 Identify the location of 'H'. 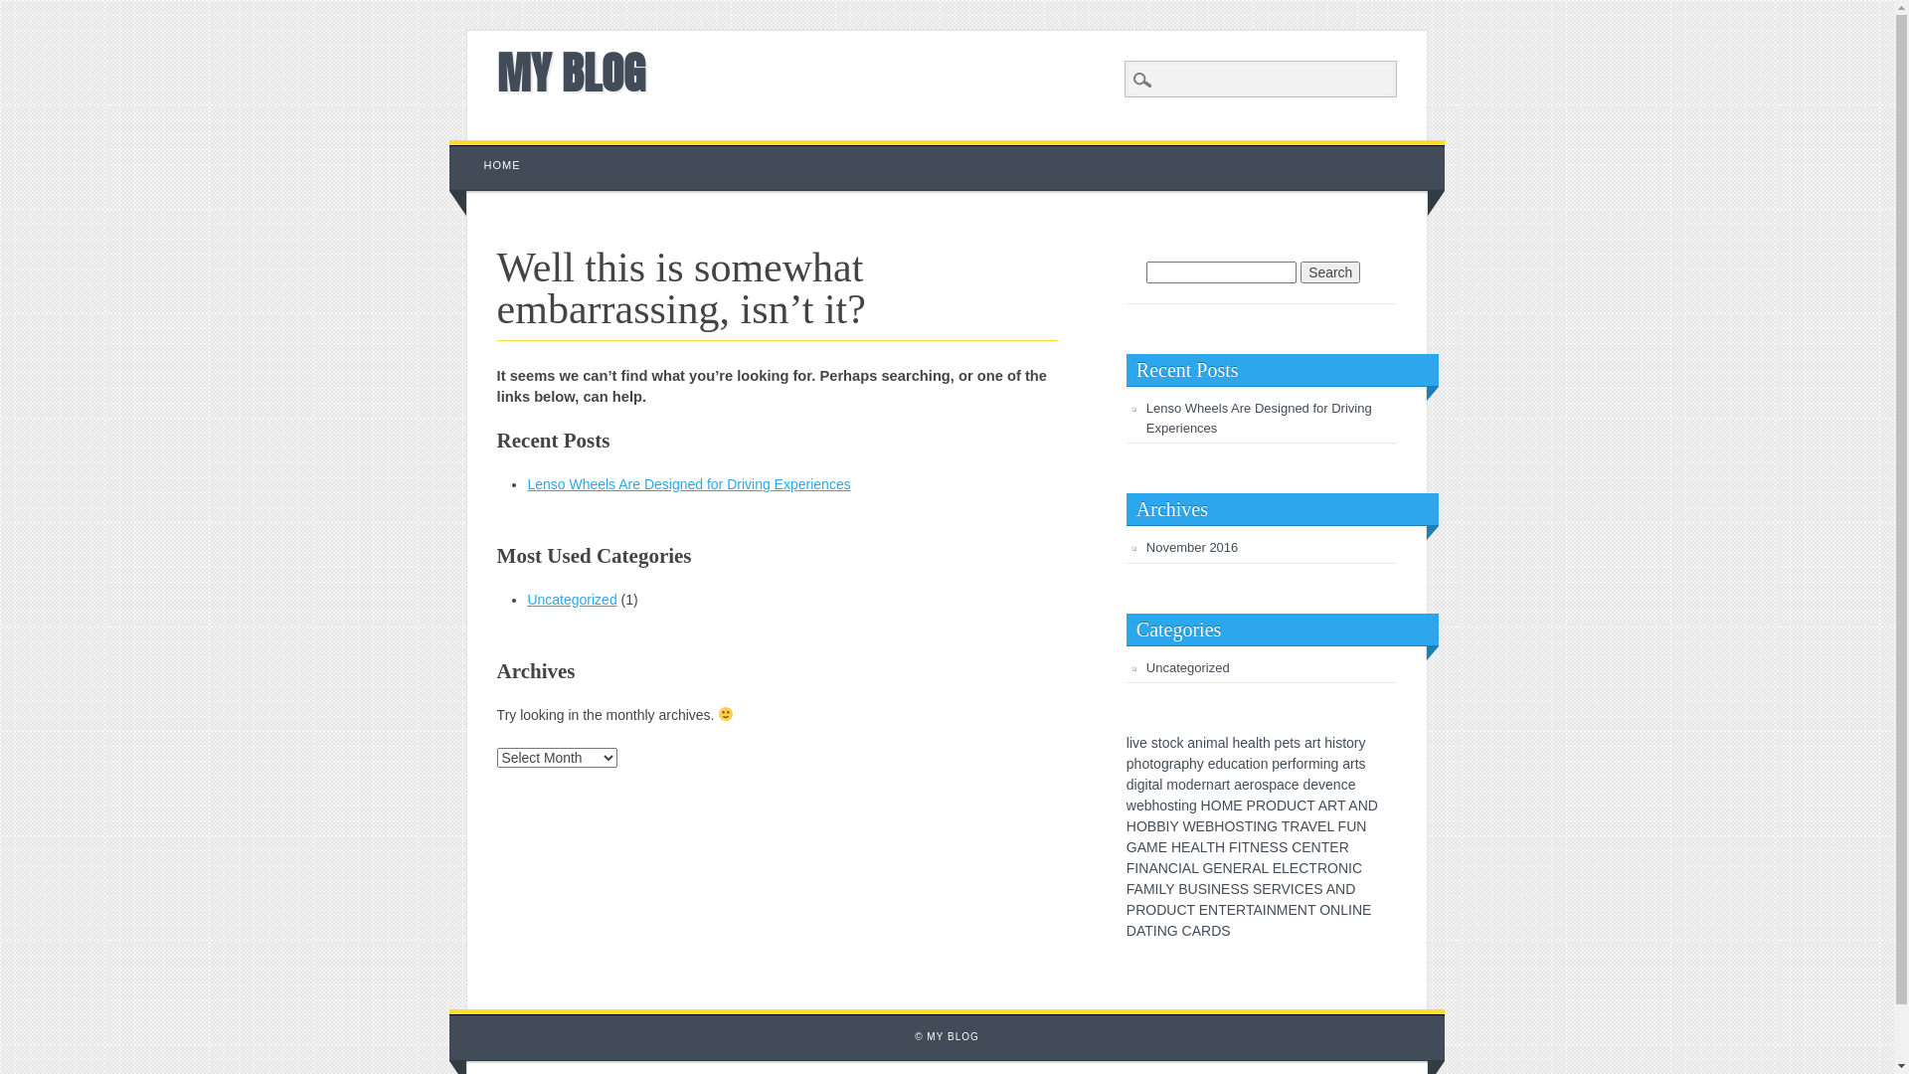
(1130, 825).